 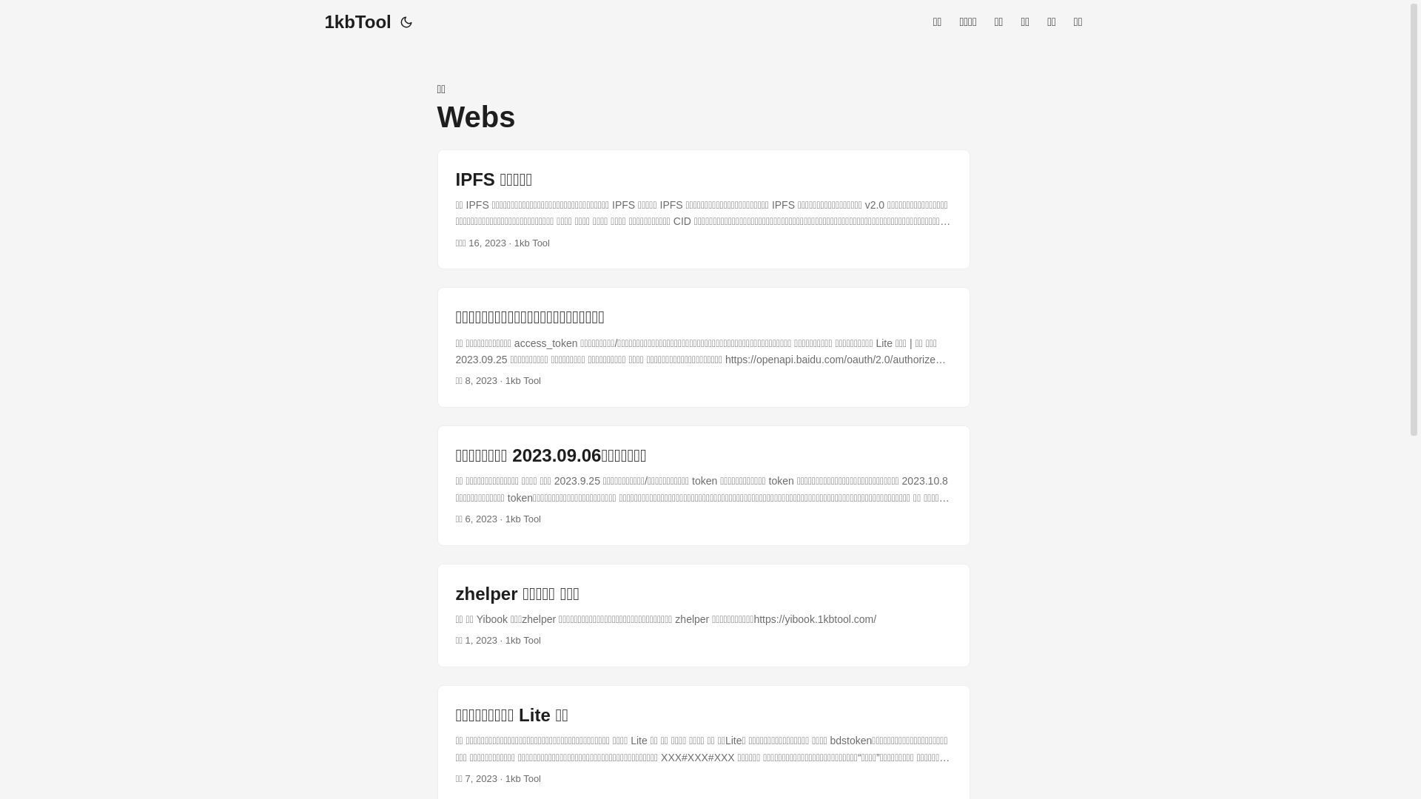 I want to click on '1kbTool', so click(x=357, y=22).